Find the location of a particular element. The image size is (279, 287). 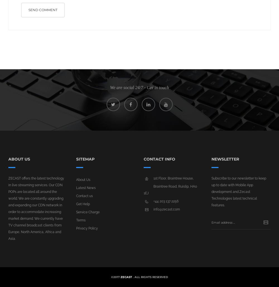

'Service Charge' is located at coordinates (87, 212).